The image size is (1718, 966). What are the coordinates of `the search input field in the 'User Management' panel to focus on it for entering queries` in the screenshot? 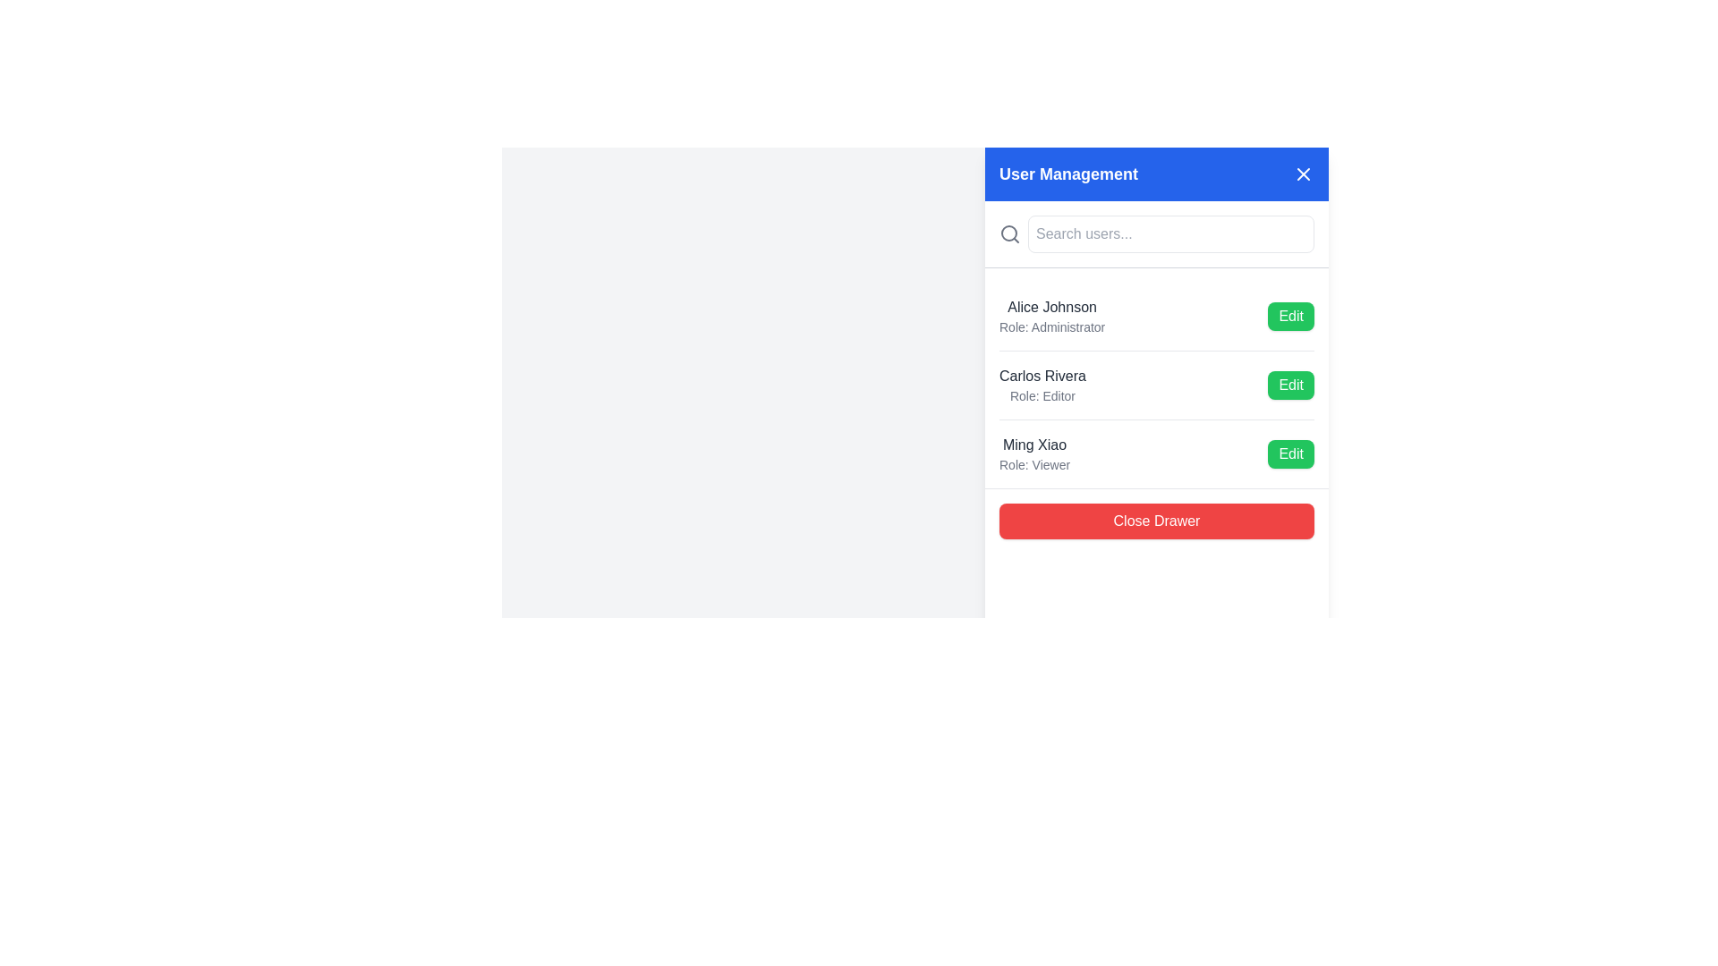 It's located at (1171, 233).